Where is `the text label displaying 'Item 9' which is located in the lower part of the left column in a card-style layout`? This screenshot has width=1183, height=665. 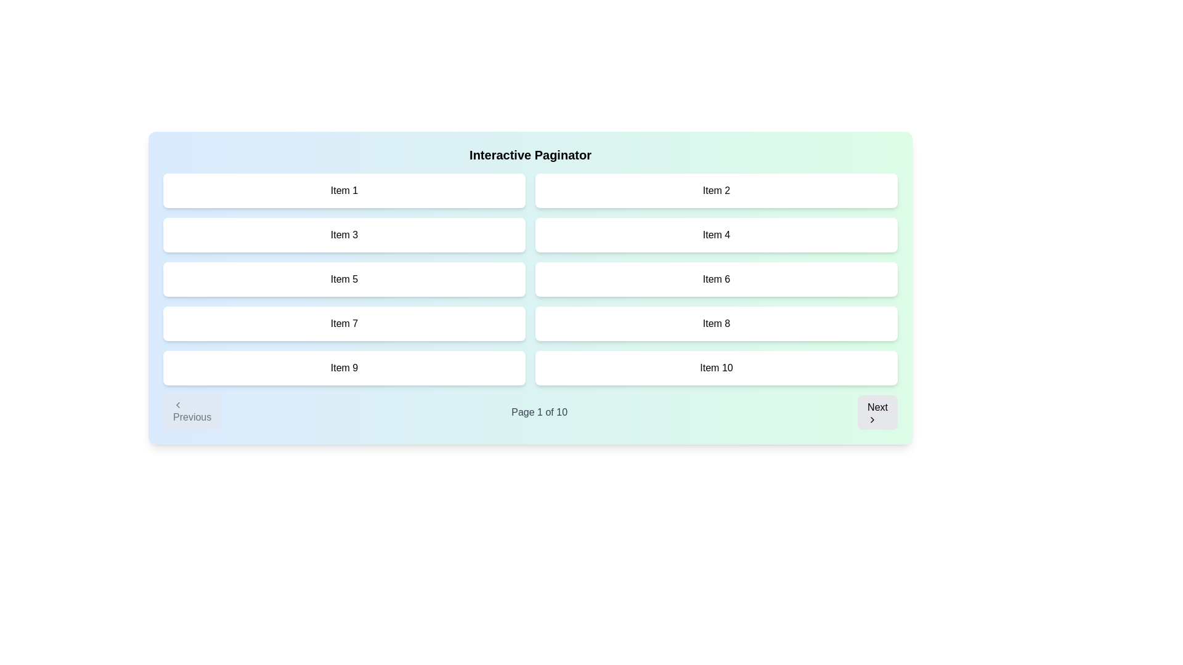 the text label displaying 'Item 9' which is located in the lower part of the left column in a card-style layout is located at coordinates (344, 367).